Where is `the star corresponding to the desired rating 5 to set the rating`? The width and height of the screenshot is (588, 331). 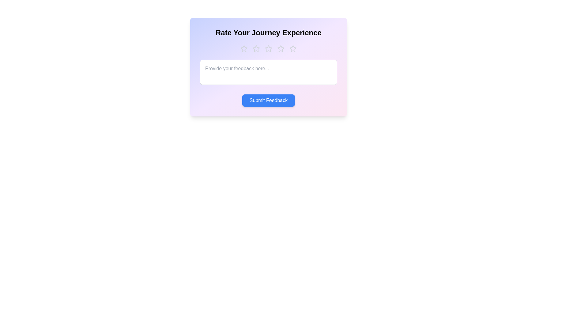 the star corresponding to the desired rating 5 to set the rating is located at coordinates (292, 48).